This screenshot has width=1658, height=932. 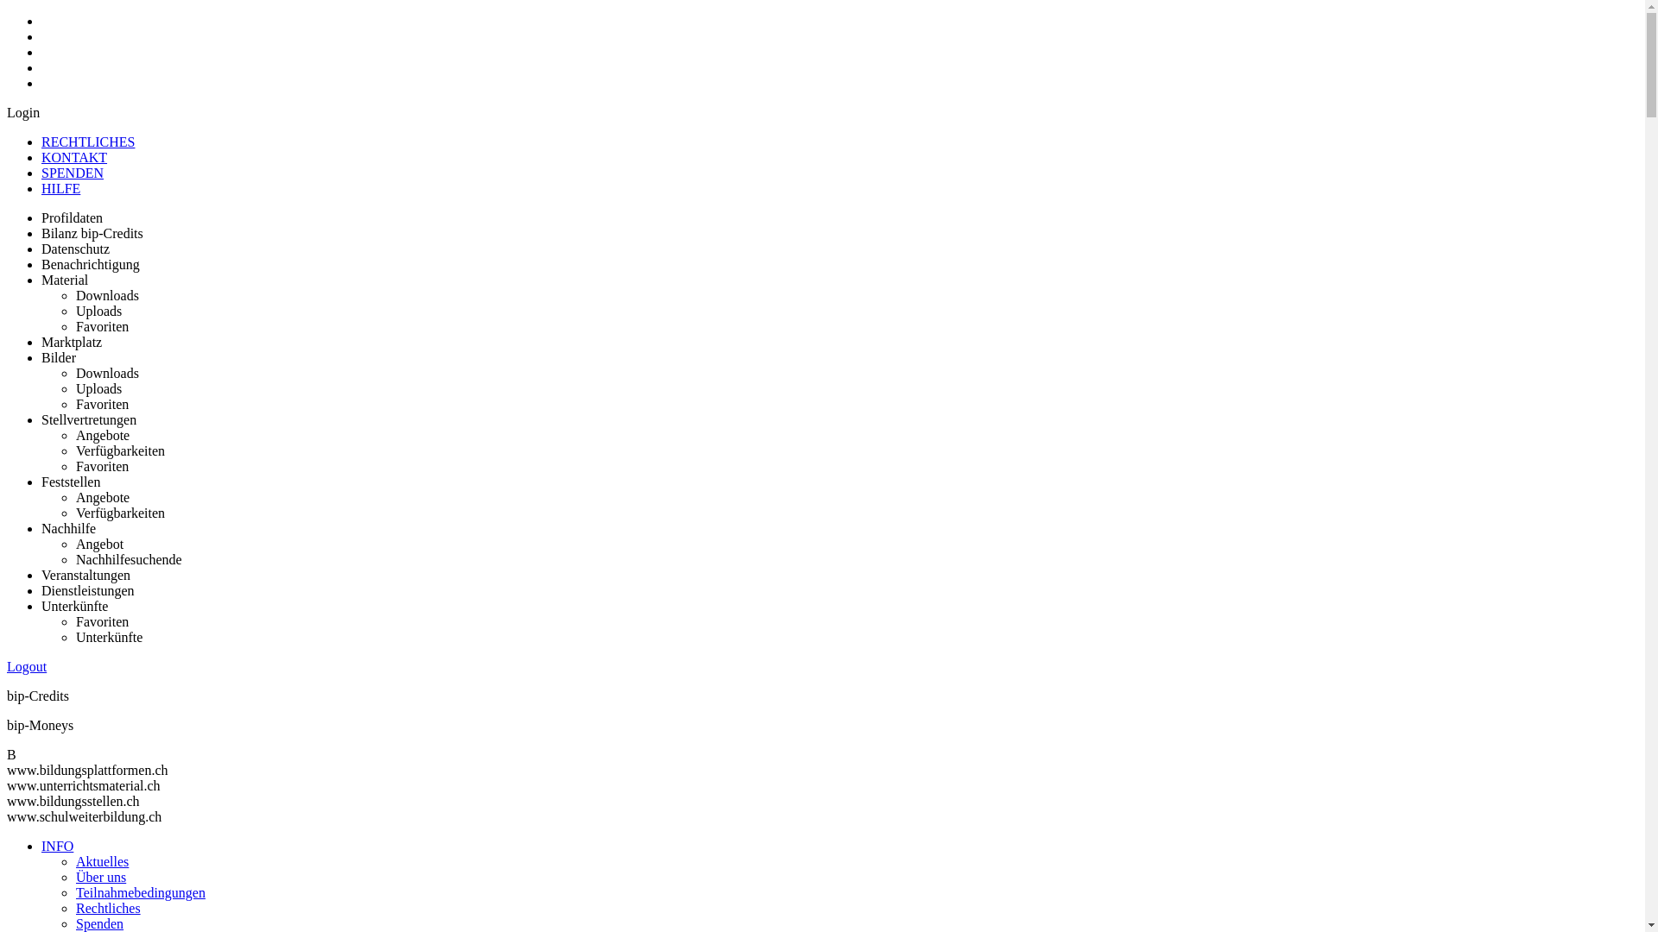 What do you see at coordinates (23, 112) in the screenshot?
I see `'Login'` at bounding box center [23, 112].